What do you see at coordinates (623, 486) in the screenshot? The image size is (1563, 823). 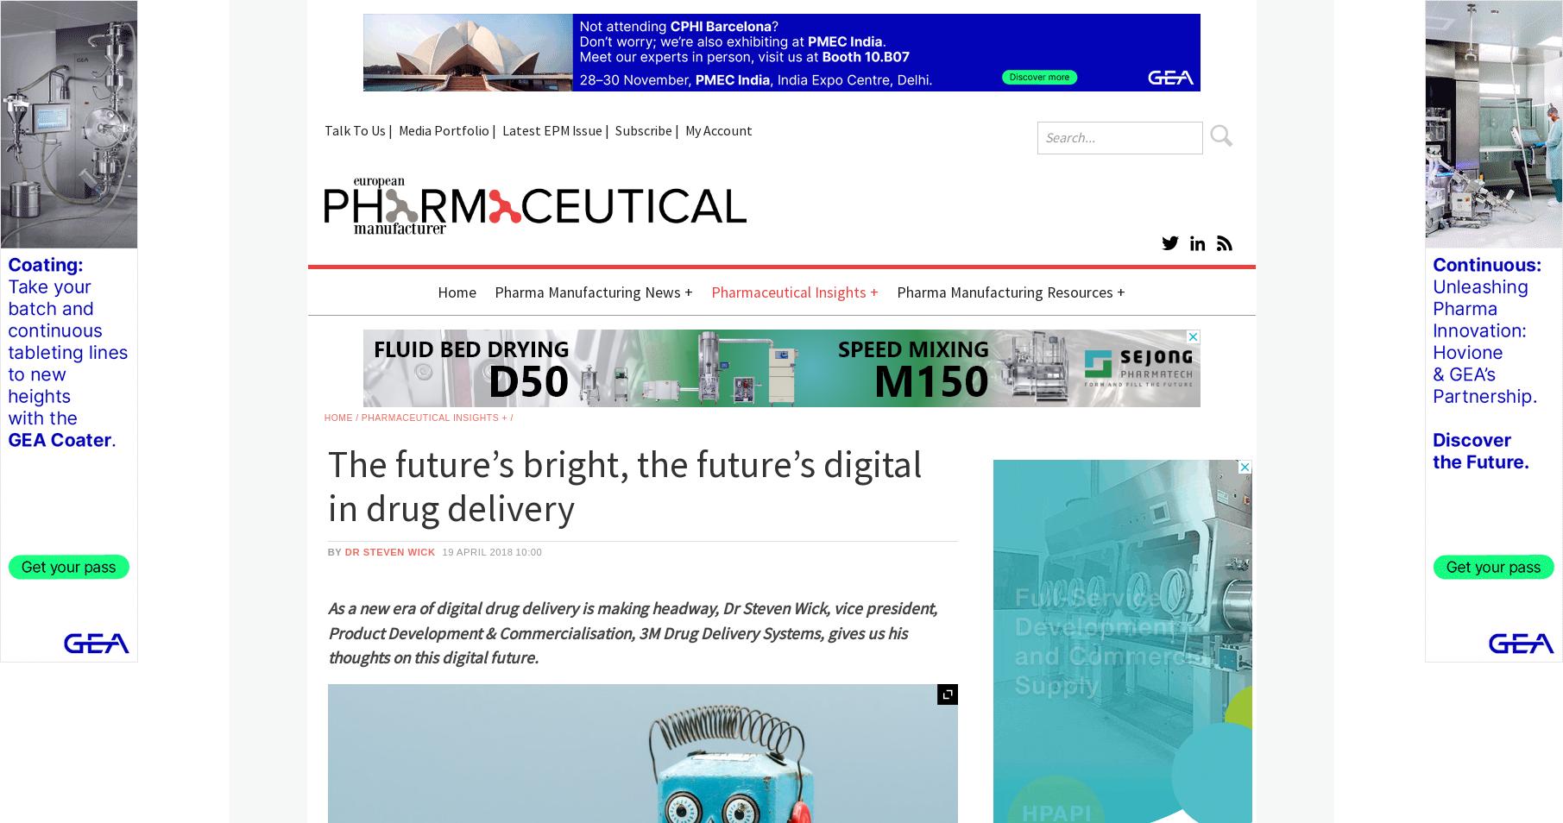 I see `'The future’s bright, the future’s digital in drug delivery'` at bounding box center [623, 486].